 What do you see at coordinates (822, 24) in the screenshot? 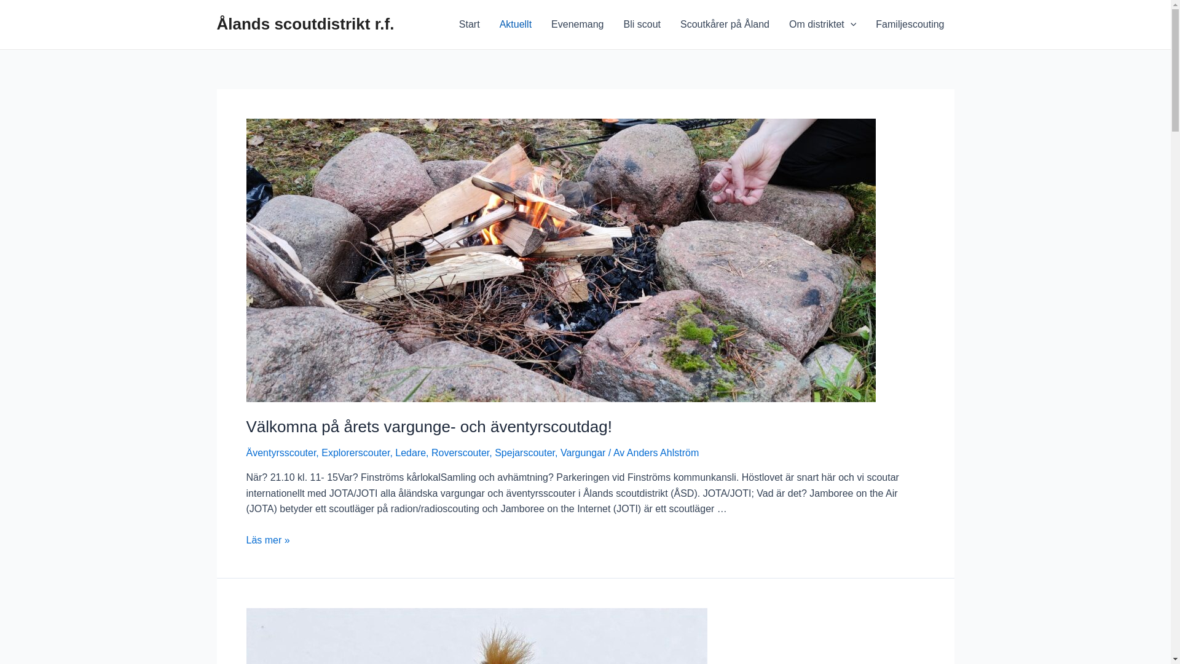
I see `'Om distriktet'` at bounding box center [822, 24].